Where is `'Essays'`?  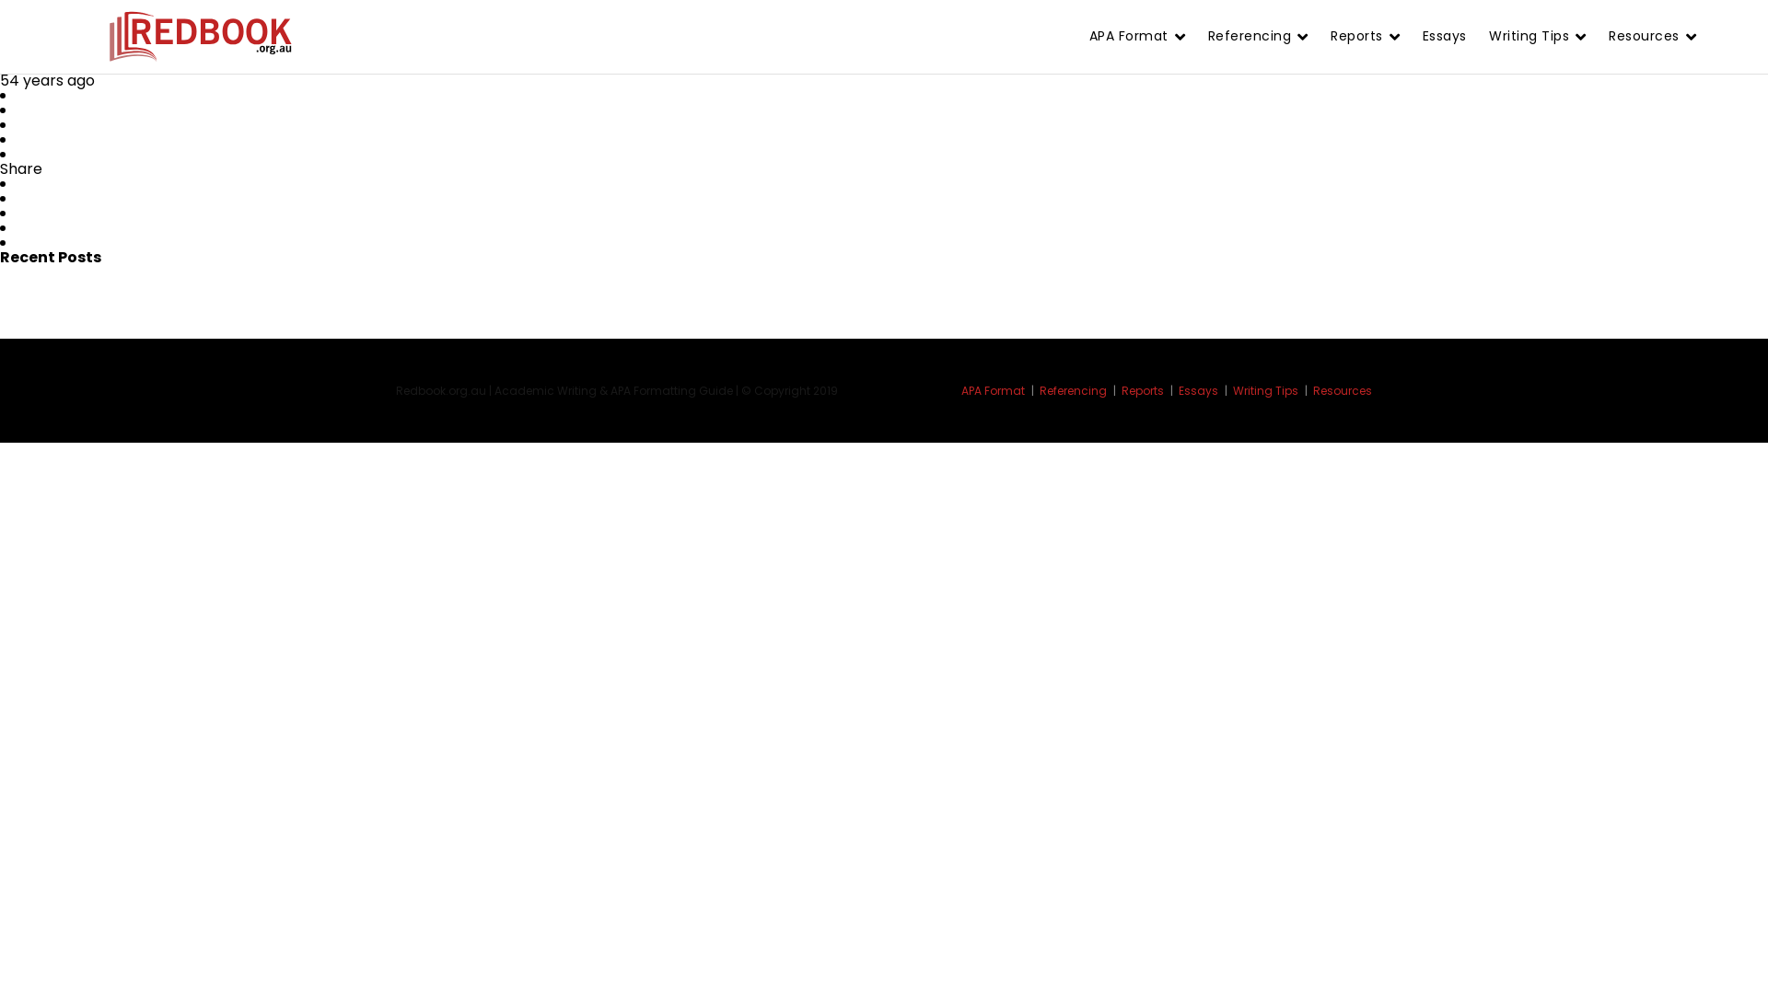 'Essays' is located at coordinates (1204, 389).